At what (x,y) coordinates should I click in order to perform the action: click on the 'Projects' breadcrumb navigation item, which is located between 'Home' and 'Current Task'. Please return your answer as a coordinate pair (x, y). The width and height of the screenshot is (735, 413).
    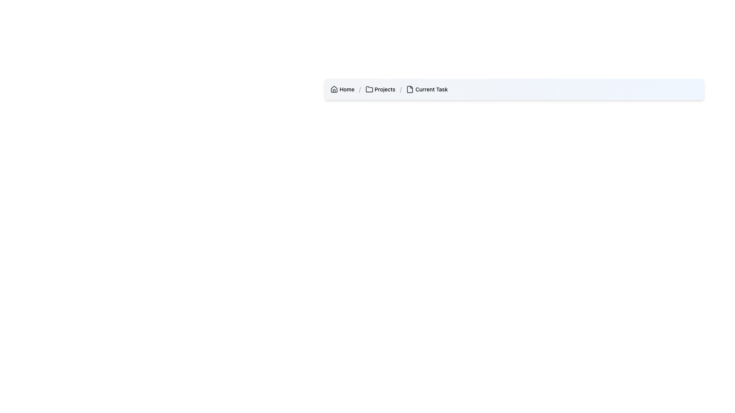
    Looking at the image, I should click on (380, 89).